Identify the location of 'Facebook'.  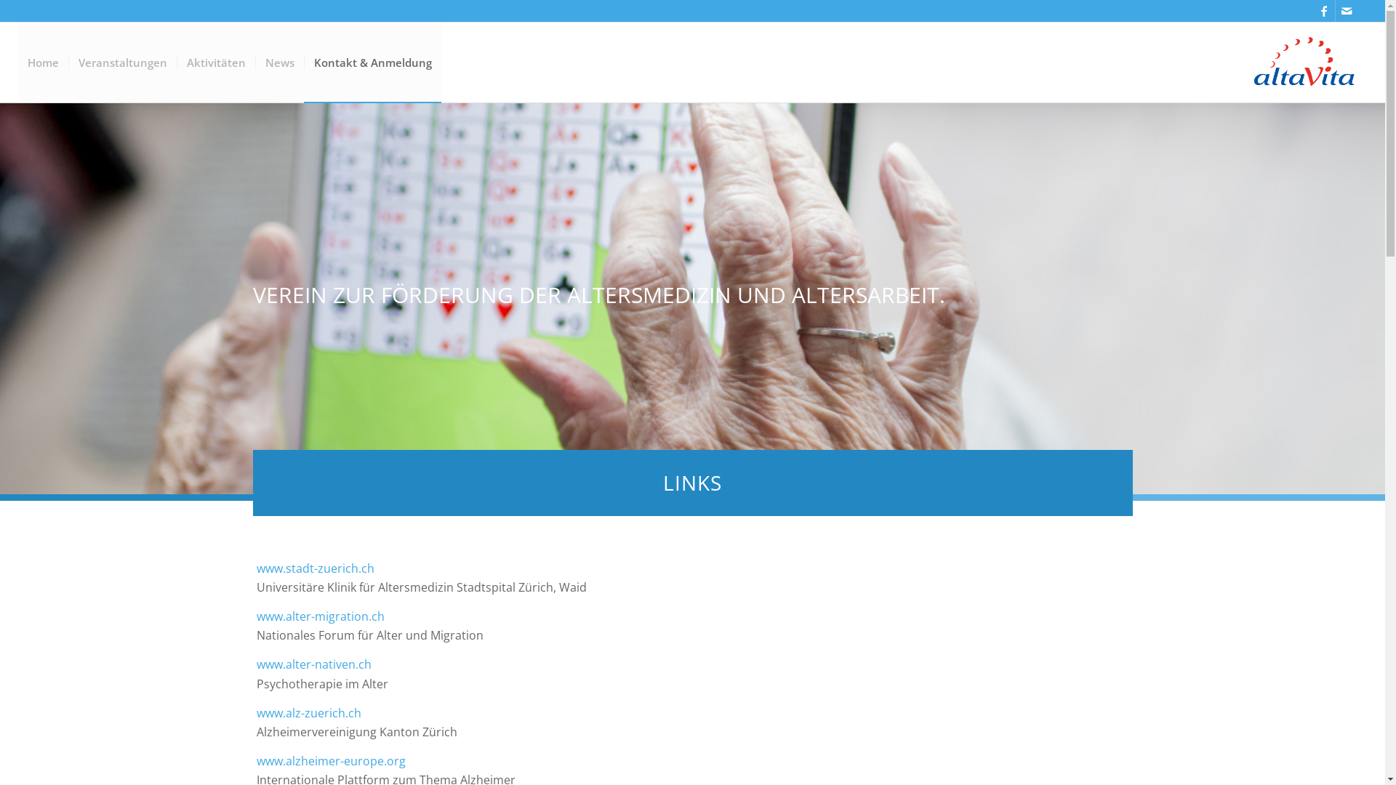
(1324, 11).